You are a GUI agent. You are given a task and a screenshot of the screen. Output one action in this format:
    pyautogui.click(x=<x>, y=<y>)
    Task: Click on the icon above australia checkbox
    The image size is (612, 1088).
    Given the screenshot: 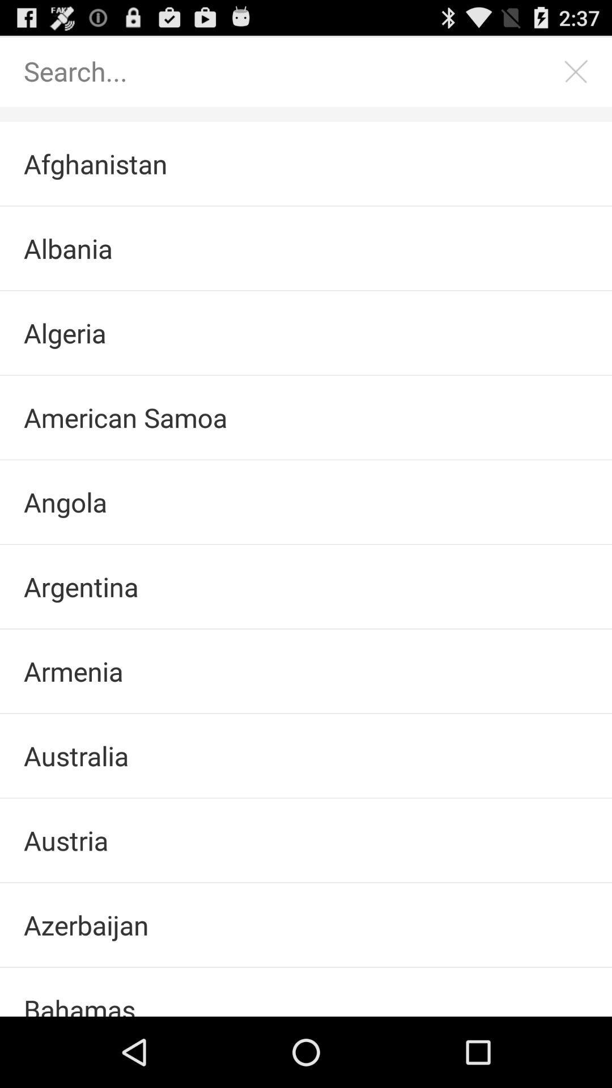 What is the action you would take?
    pyautogui.click(x=306, y=671)
    